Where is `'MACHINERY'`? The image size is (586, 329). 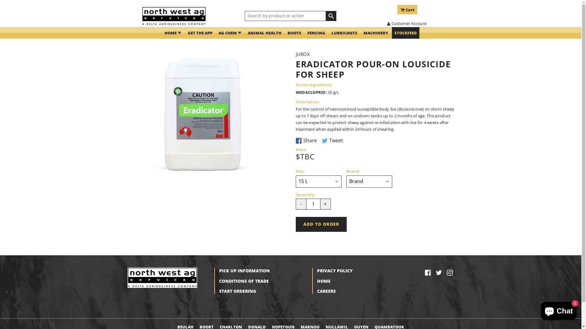
'MACHINERY' is located at coordinates (375, 33).